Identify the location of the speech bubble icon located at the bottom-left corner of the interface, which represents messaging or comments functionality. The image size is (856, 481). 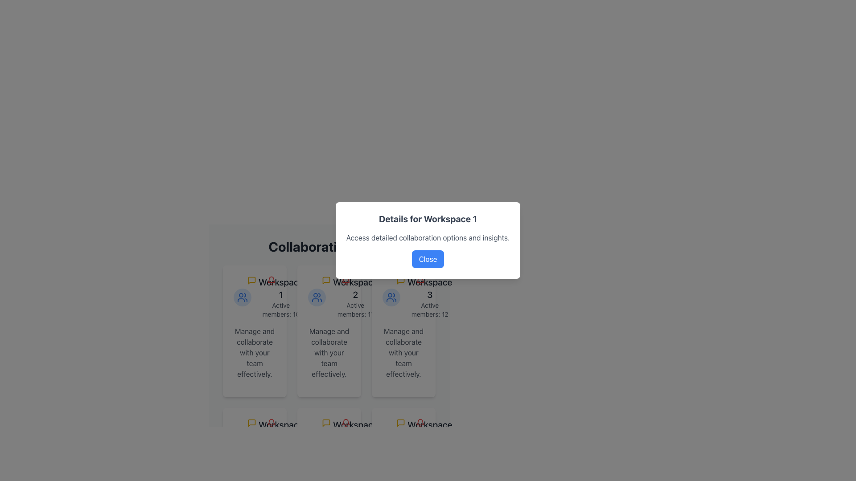
(251, 422).